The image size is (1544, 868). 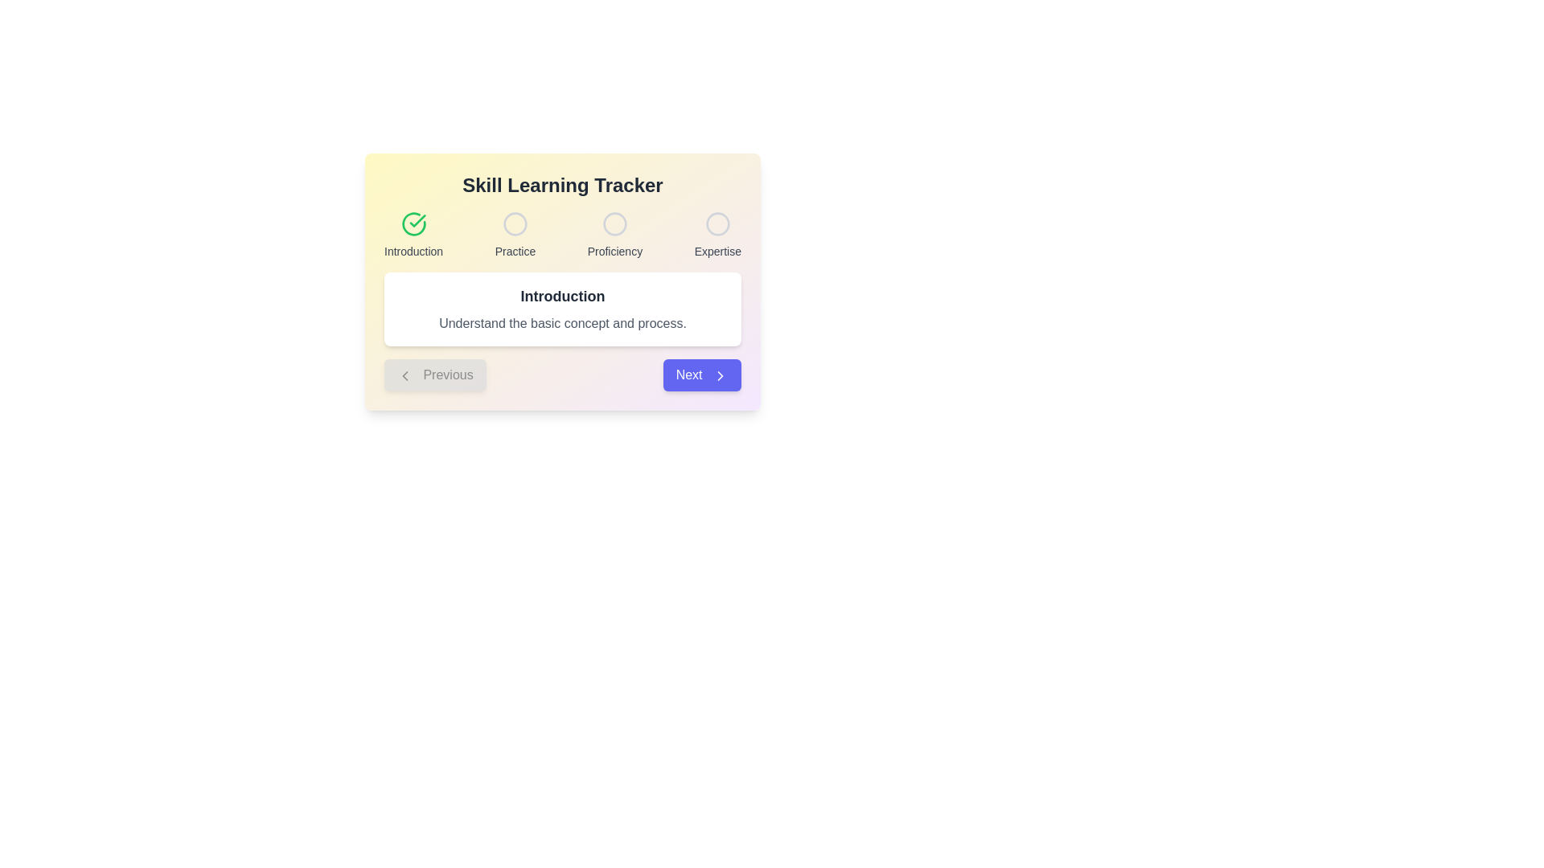 I want to click on the 'Practice' phase text label, which is centrally aligned beneath the second circular icon in the multi-step skill tracking interface, so click(x=515, y=251).